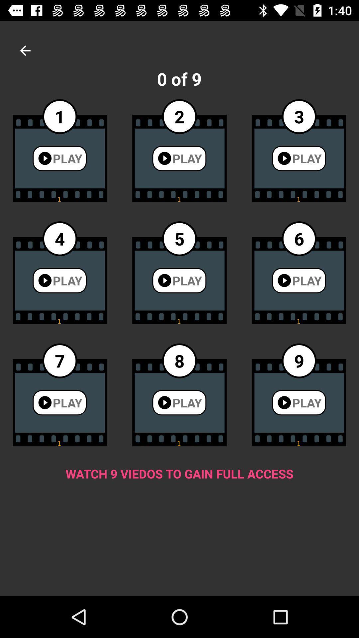 The height and width of the screenshot is (638, 359). Describe the element at coordinates (25, 50) in the screenshot. I see `icon to the left of 0 of 9 item` at that location.